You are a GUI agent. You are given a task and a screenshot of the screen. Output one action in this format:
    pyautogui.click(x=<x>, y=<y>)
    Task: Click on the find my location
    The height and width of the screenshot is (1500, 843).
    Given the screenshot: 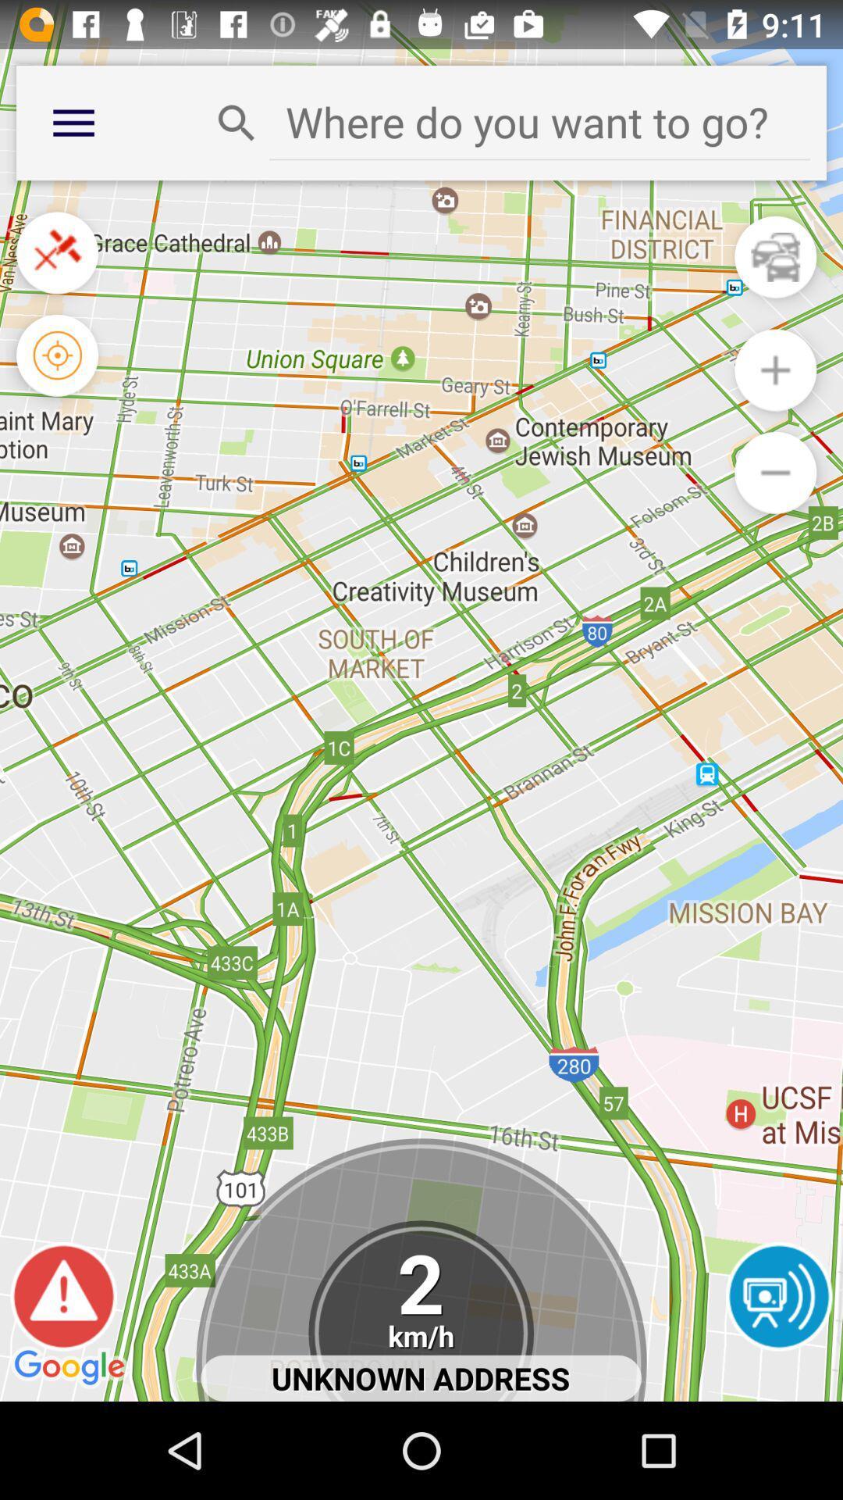 What is the action you would take?
    pyautogui.click(x=56, y=355)
    